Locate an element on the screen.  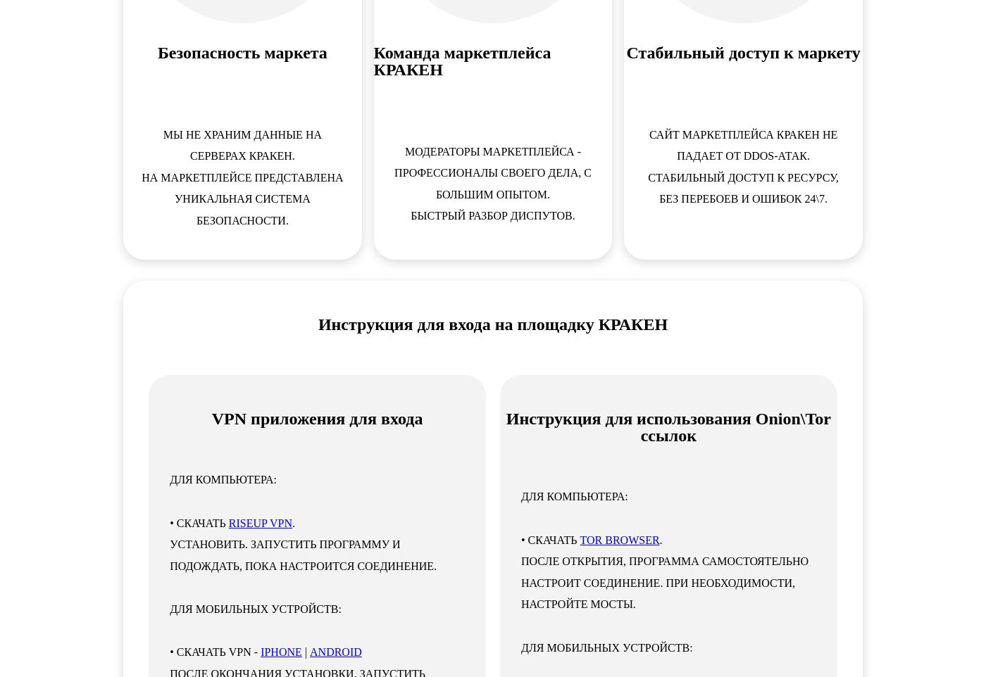
'После
                        открытия, программа самостоятельно настроит соединение. При
                        необходимости, настройте мосты.' is located at coordinates (664, 582).